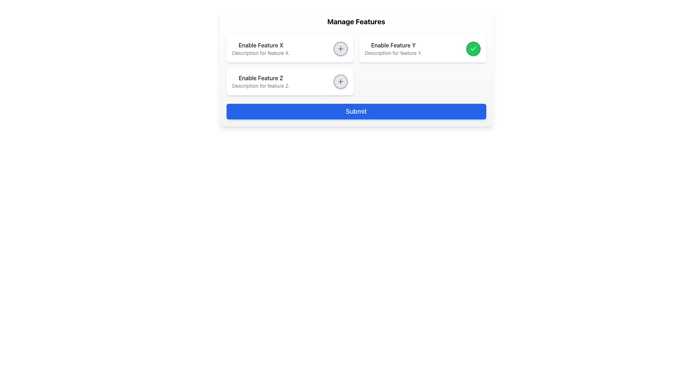 The height and width of the screenshot is (385, 685). What do you see at coordinates (356, 21) in the screenshot?
I see `the static text element displaying the title 'Manage Features', which is prominently centered at the top of the section` at bounding box center [356, 21].